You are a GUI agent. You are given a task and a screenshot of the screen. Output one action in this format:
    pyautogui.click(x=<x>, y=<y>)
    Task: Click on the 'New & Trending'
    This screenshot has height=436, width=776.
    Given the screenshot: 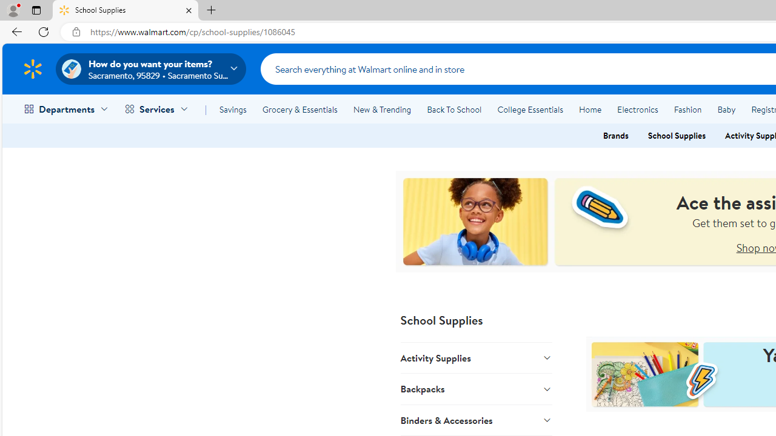 What is the action you would take?
    pyautogui.click(x=382, y=110)
    